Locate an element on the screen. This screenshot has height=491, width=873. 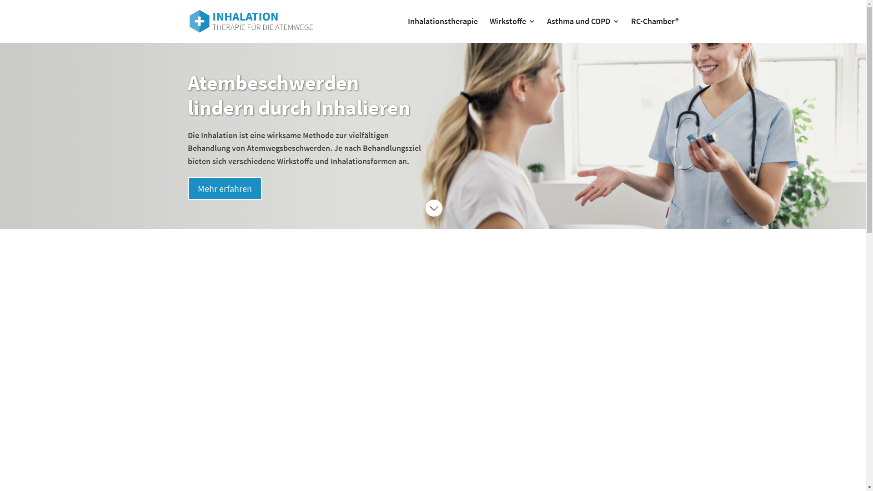
'Wirkstoffe' is located at coordinates (512, 30).